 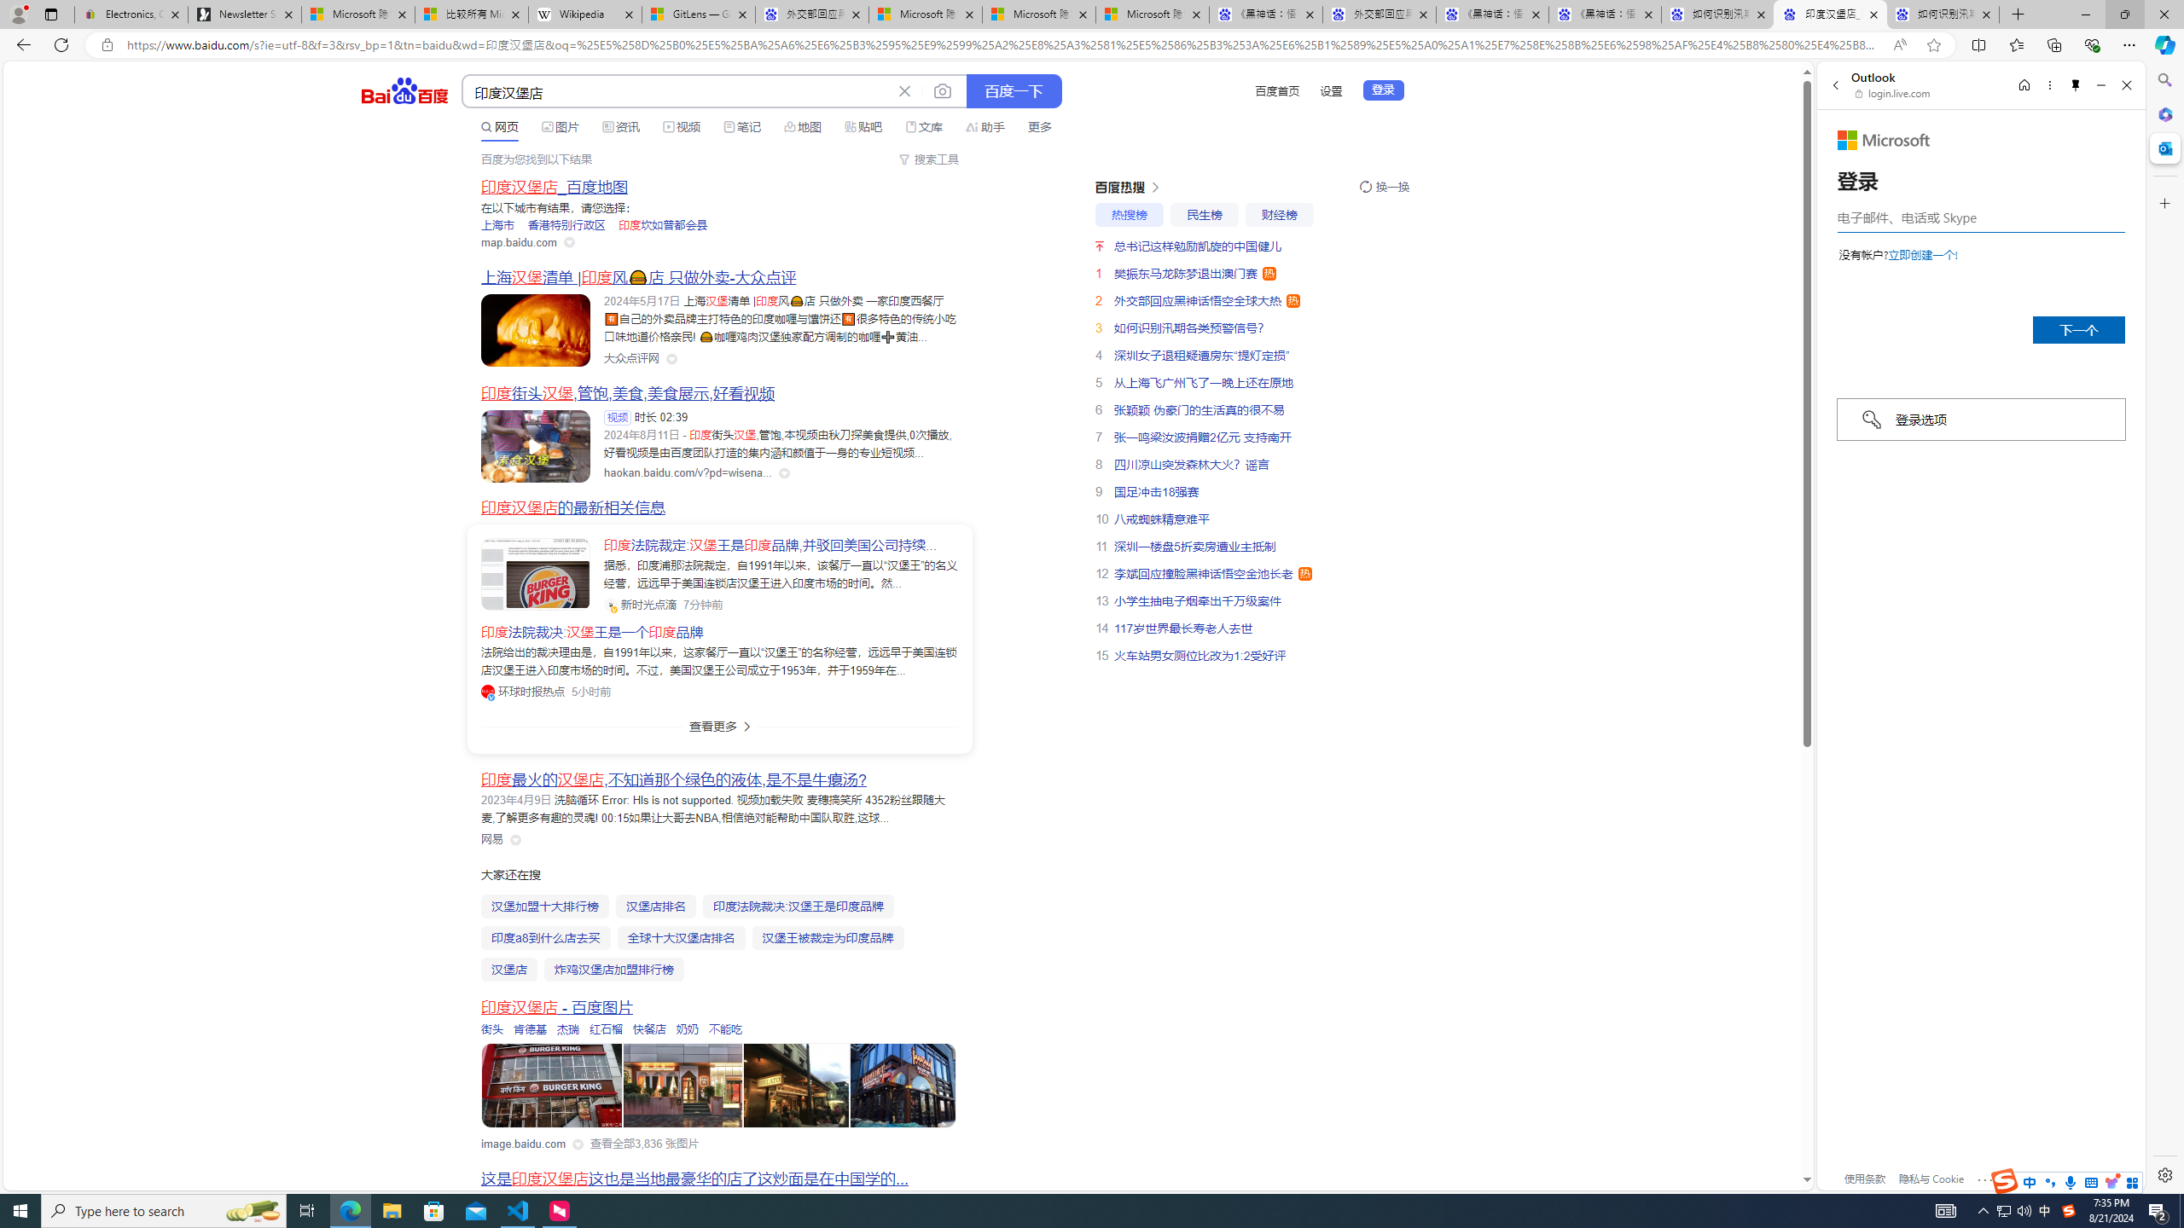 I want to click on 'Class: c-img c-img-radius-large', so click(x=535, y=574).